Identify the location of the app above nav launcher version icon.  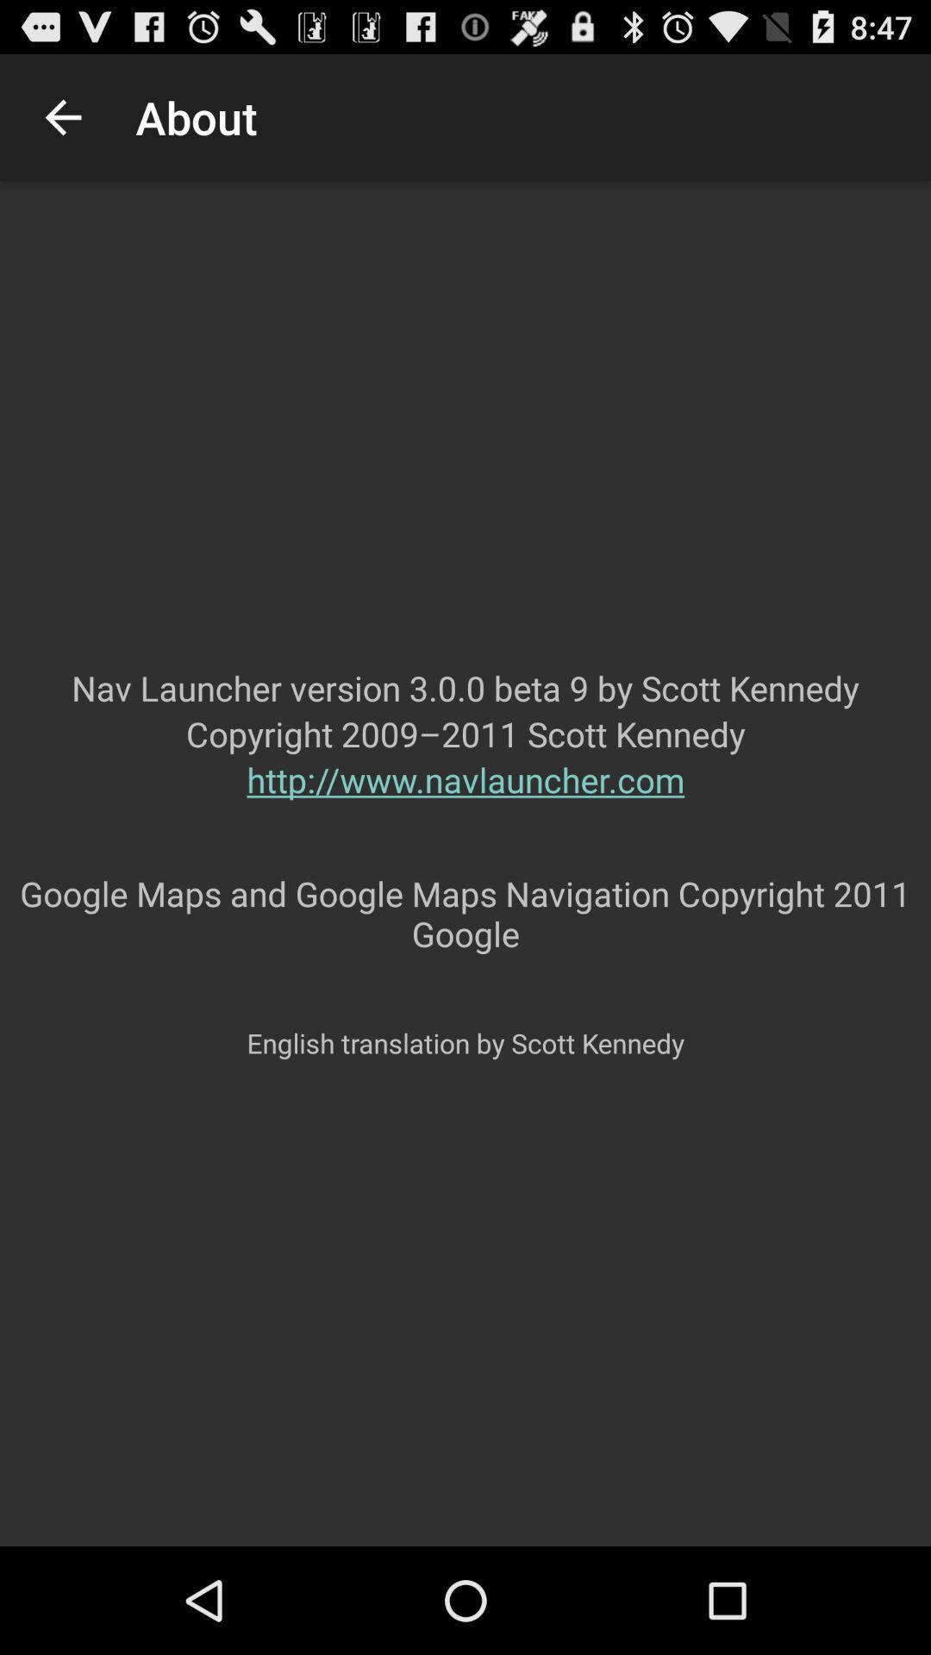
(62, 116).